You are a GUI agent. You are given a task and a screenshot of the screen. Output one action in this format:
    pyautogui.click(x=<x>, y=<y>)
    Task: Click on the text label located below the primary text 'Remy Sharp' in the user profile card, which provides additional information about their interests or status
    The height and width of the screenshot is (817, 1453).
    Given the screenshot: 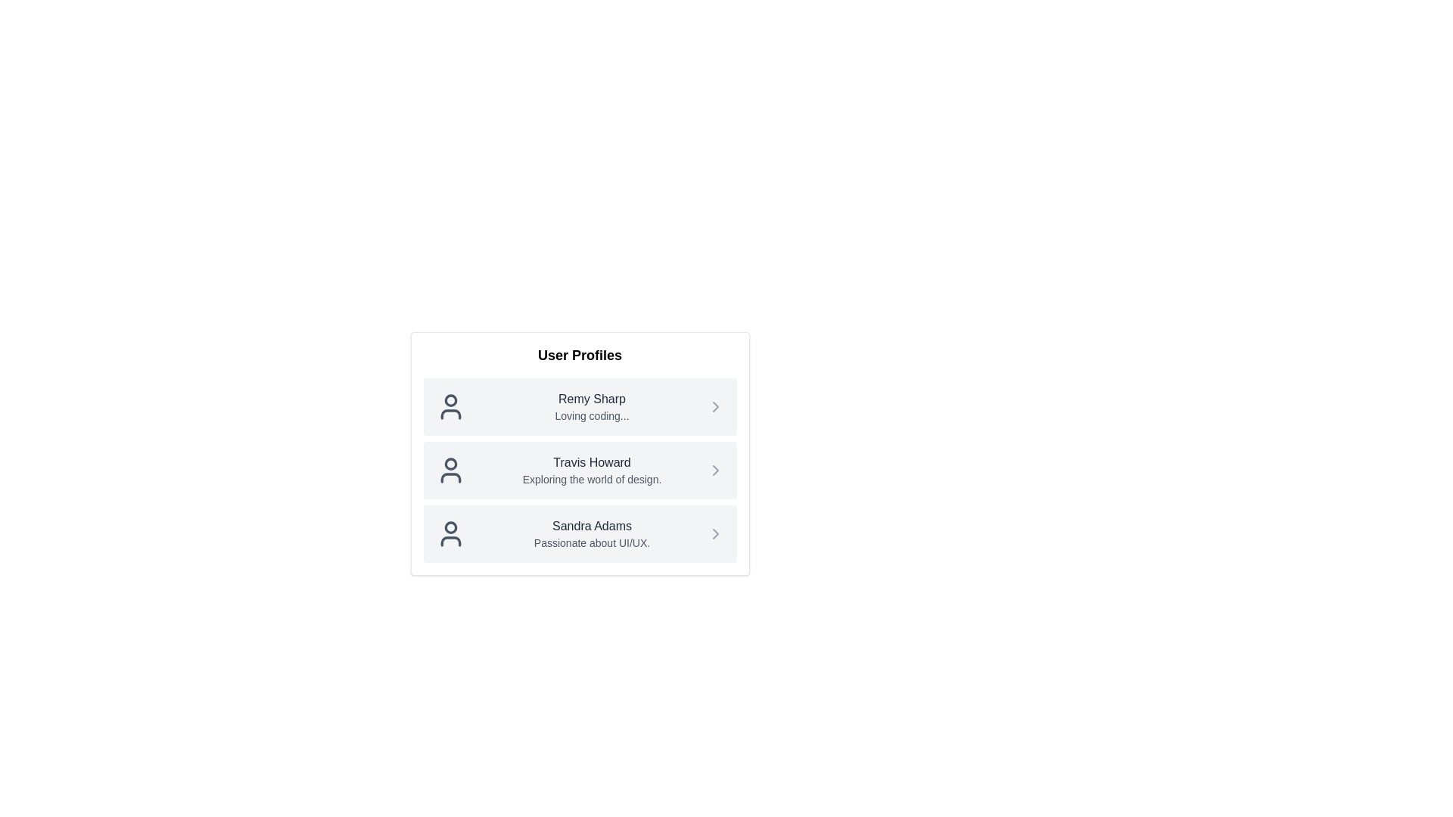 What is the action you would take?
    pyautogui.click(x=591, y=416)
    